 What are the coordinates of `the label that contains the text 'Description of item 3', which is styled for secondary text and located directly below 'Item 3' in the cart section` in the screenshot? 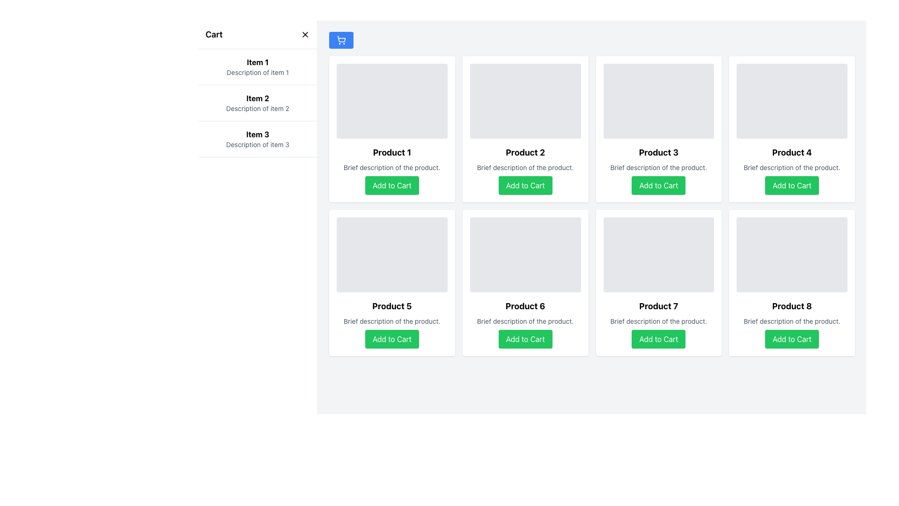 It's located at (258, 144).